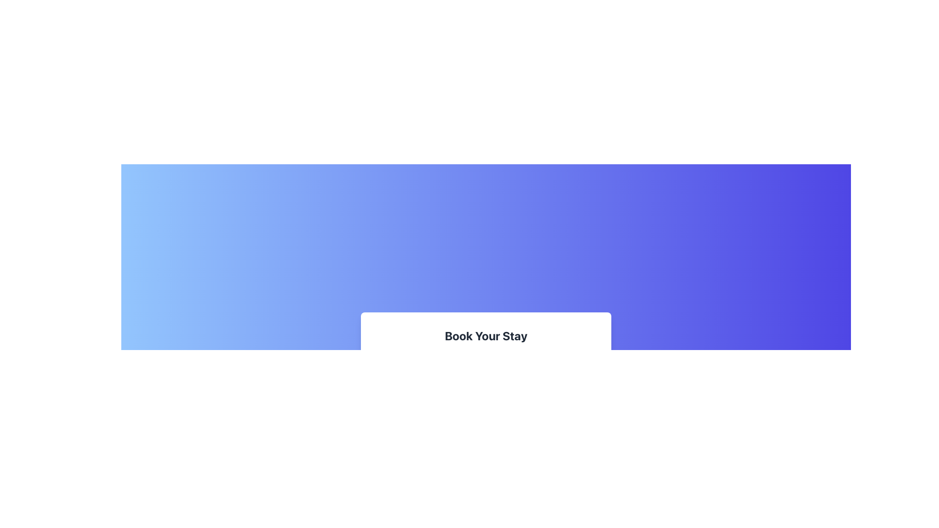  What do you see at coordinates (486, 335) in the screenshot?
I see `the Text Header element that serves as the title for the card, located at the top of the content area` at bounding box center [486, 335].